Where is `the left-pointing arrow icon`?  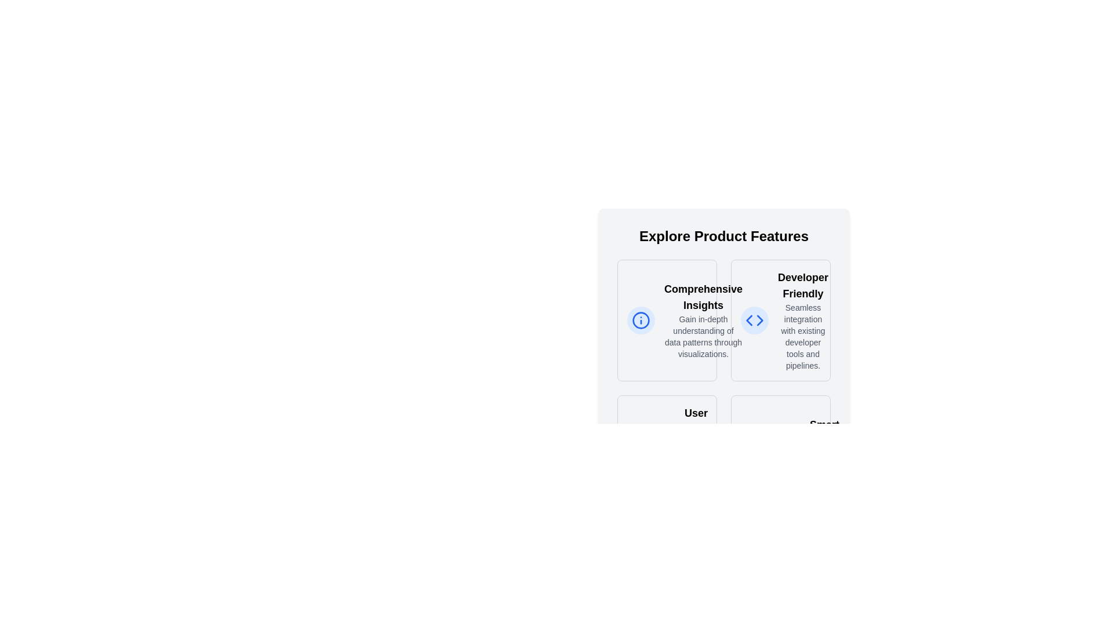 the left-pointing arrow icon is located at coordinates (748, 320).